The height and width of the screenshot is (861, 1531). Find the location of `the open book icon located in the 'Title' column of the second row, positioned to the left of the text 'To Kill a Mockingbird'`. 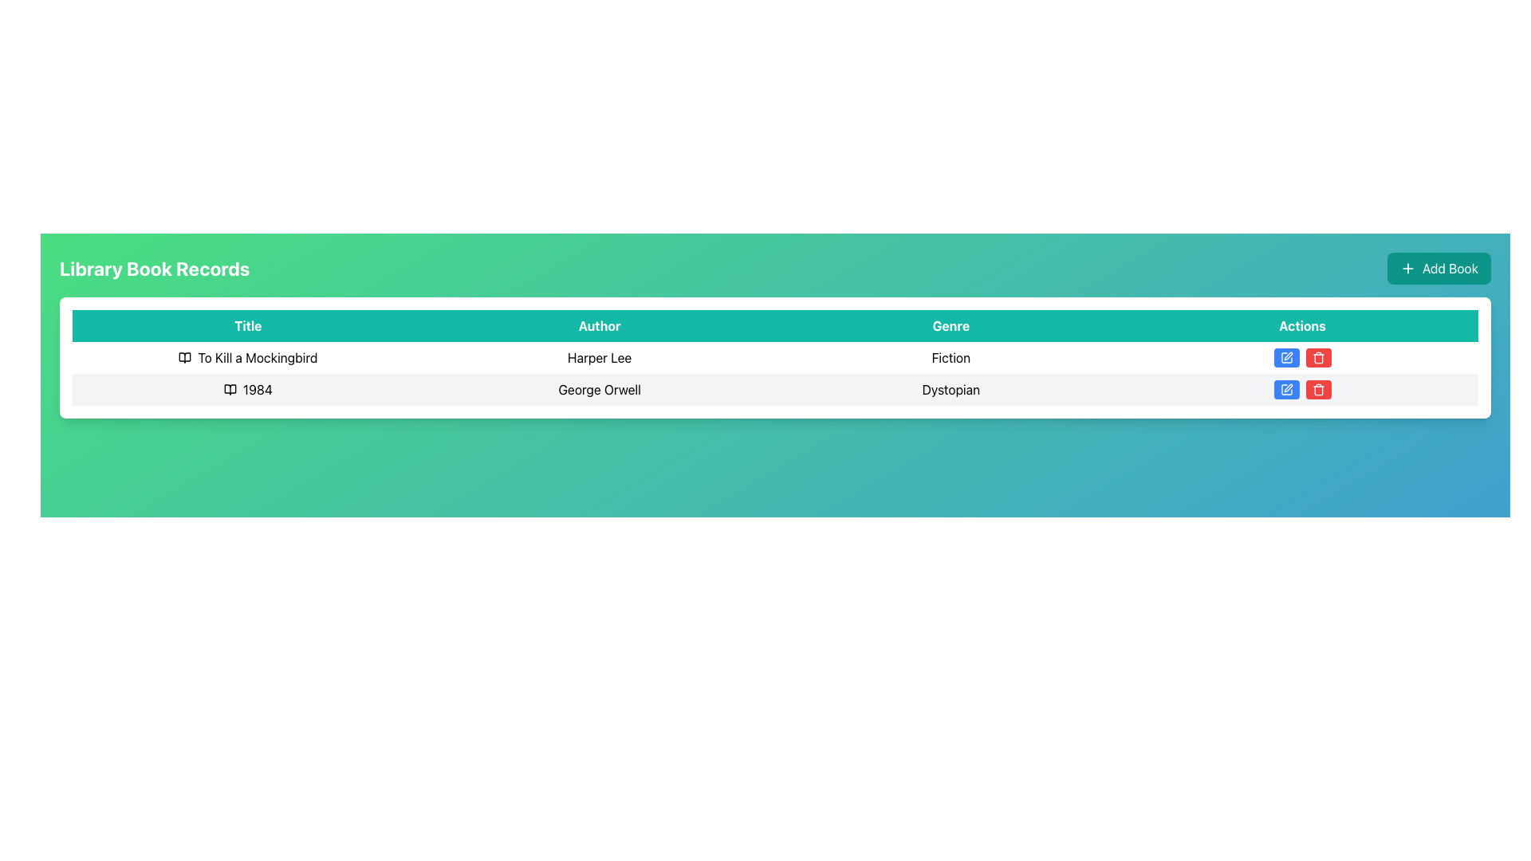

the open book icon located in the 'Title' column of the second row, positioned to the left of the text 'To Kill a Mockingbird' is located at coordinates (229, 390).